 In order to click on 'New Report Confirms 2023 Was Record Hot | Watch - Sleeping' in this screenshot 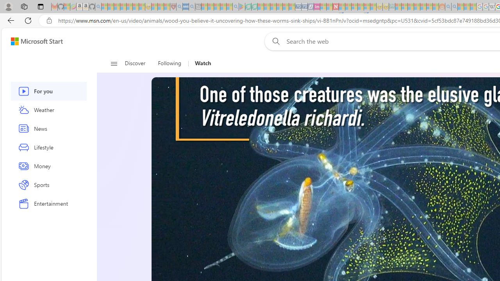, I will do `click(129, 7)`.